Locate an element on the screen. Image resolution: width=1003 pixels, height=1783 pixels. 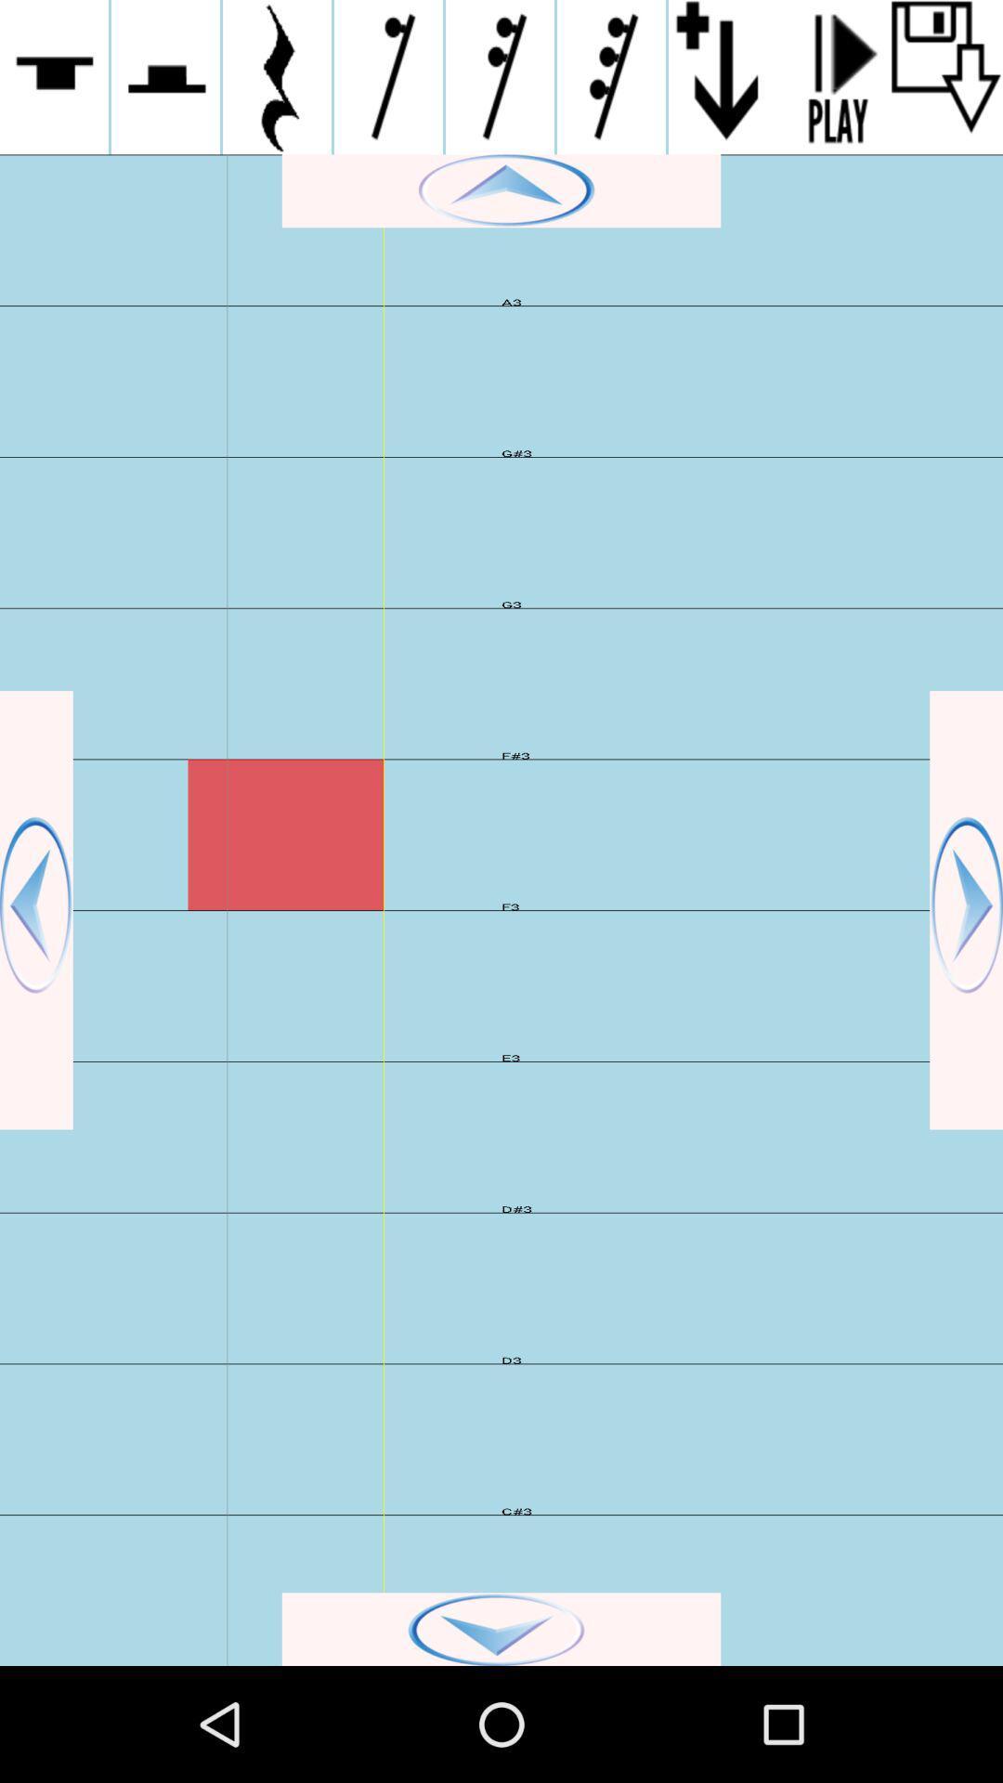
go back is located at coordinates (36, 910).